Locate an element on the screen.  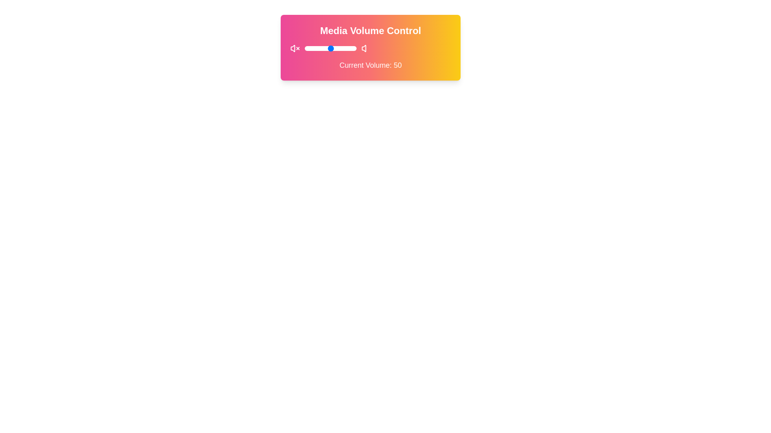
the volume to 70 by sliding the control is located at coordinates (341, 48).